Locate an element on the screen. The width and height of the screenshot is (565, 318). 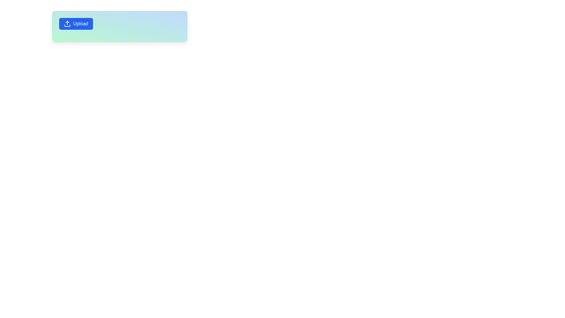
the blue rectangular button labeled 'Upload' with an icon on the left is located at coordinates (76, 24).